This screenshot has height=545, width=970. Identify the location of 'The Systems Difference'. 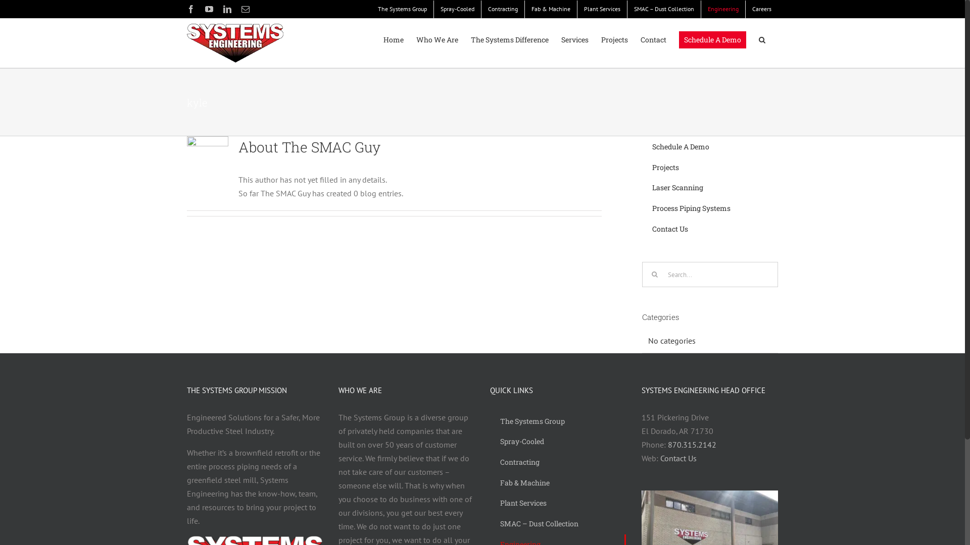
(509, 39).